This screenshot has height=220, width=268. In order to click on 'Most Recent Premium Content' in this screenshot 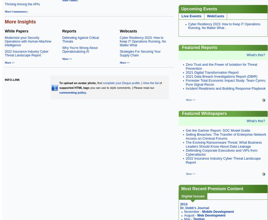, I will do `click(212, 189)`.